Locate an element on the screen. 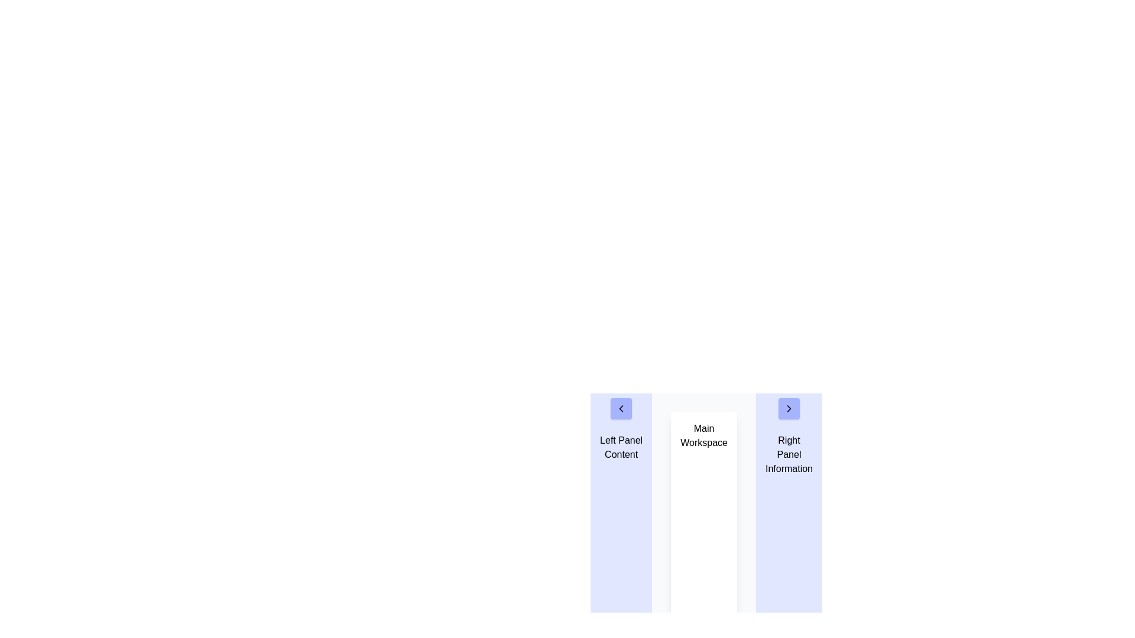 This screenshot has height=638, width=1135. the descriptive text label located in the left panel, which indicates the content or purpose of the left panel, positioned below the leftward navigation arrow icon and above the main workspace area is located at coordinates (621, 448).